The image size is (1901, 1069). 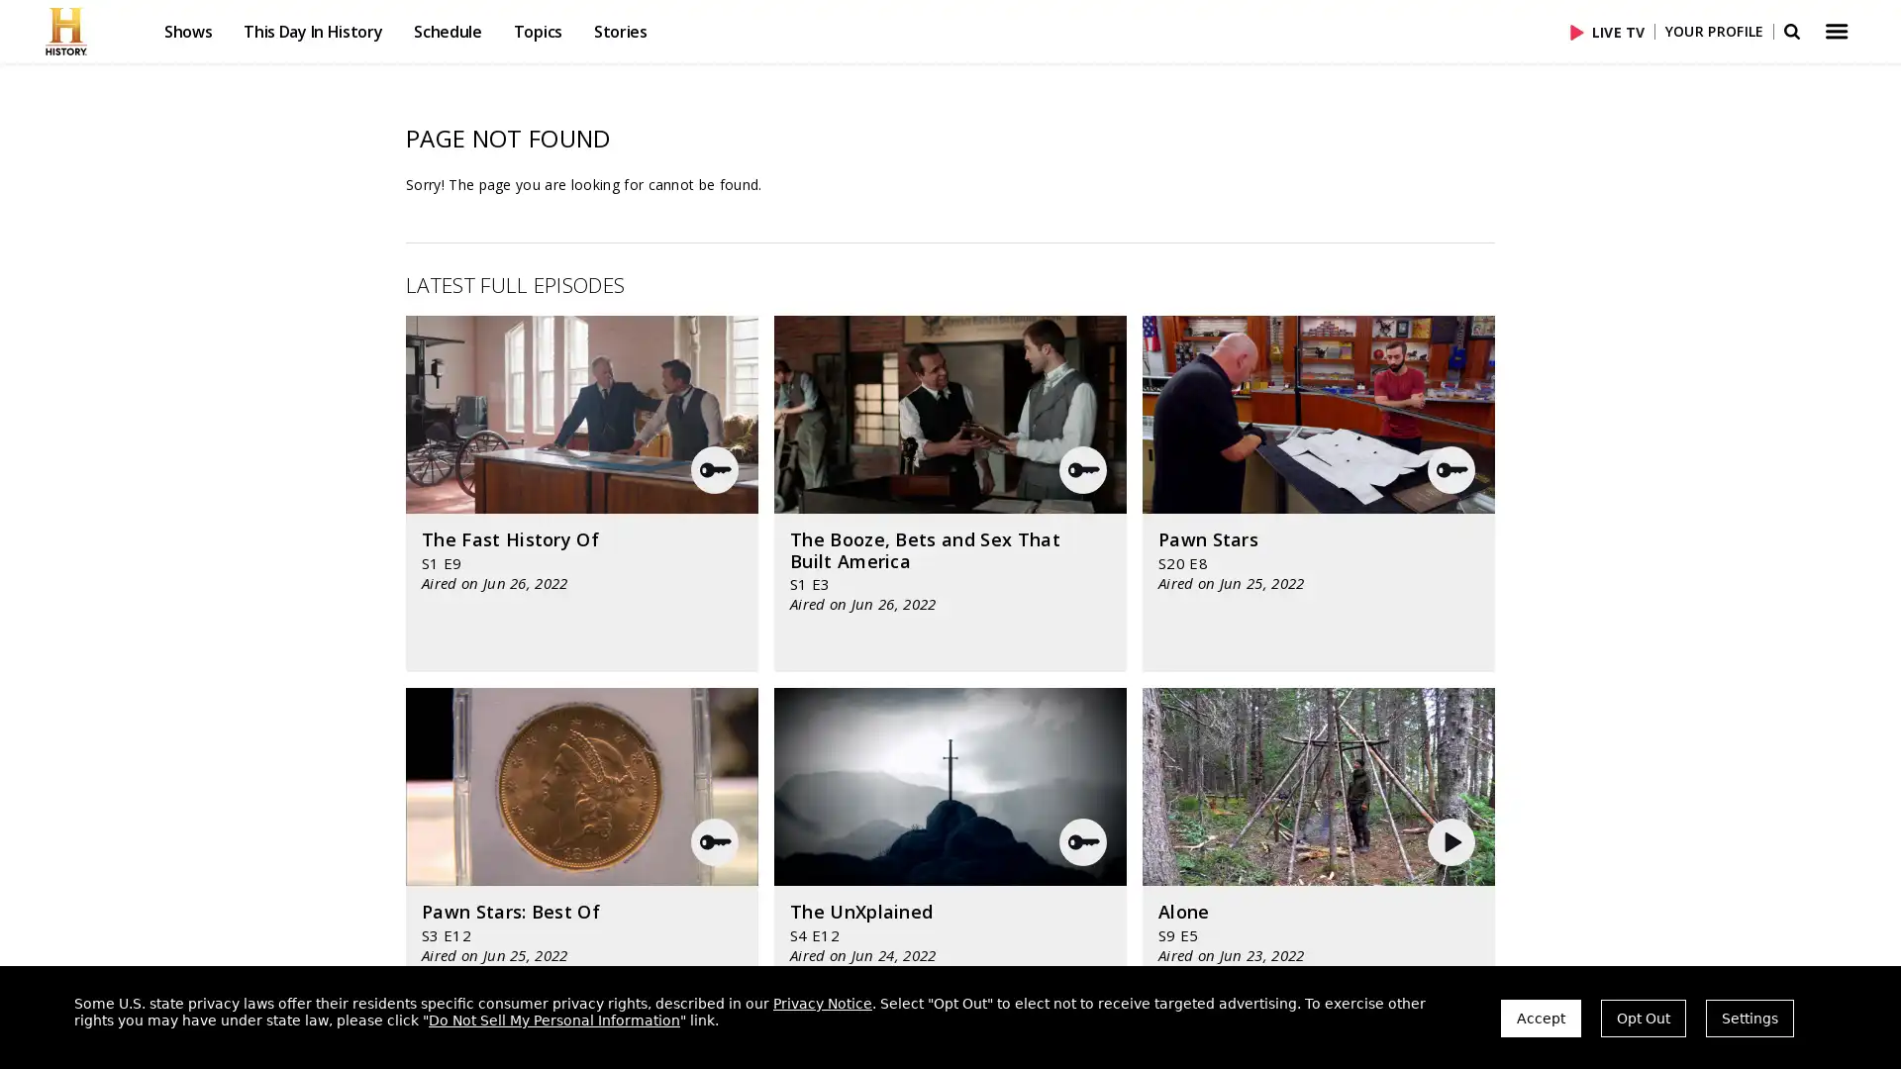 I want to click on Q, so click(x=713, y=469).